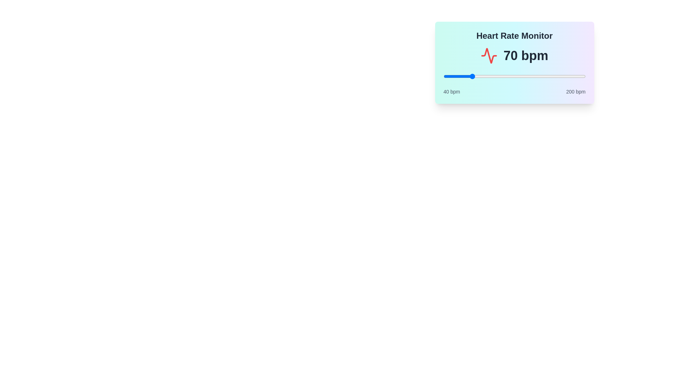 Image resolution: width=682 pixels, height=384 pixels. Describe the element at coordinates (580, 76) in the screenshot. I see `the heart rate slider to 194 bpm` at that location.